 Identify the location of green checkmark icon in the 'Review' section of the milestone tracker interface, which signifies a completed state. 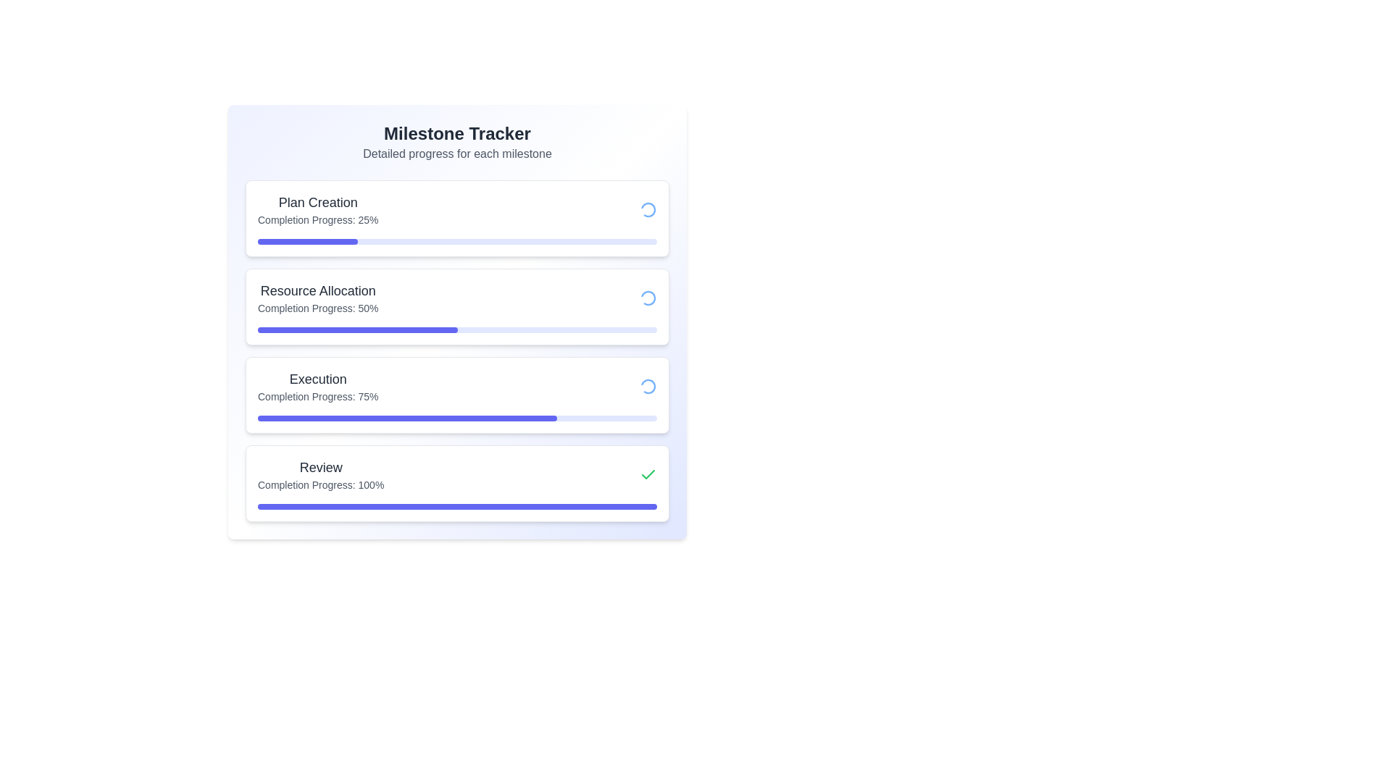
(647, 474).